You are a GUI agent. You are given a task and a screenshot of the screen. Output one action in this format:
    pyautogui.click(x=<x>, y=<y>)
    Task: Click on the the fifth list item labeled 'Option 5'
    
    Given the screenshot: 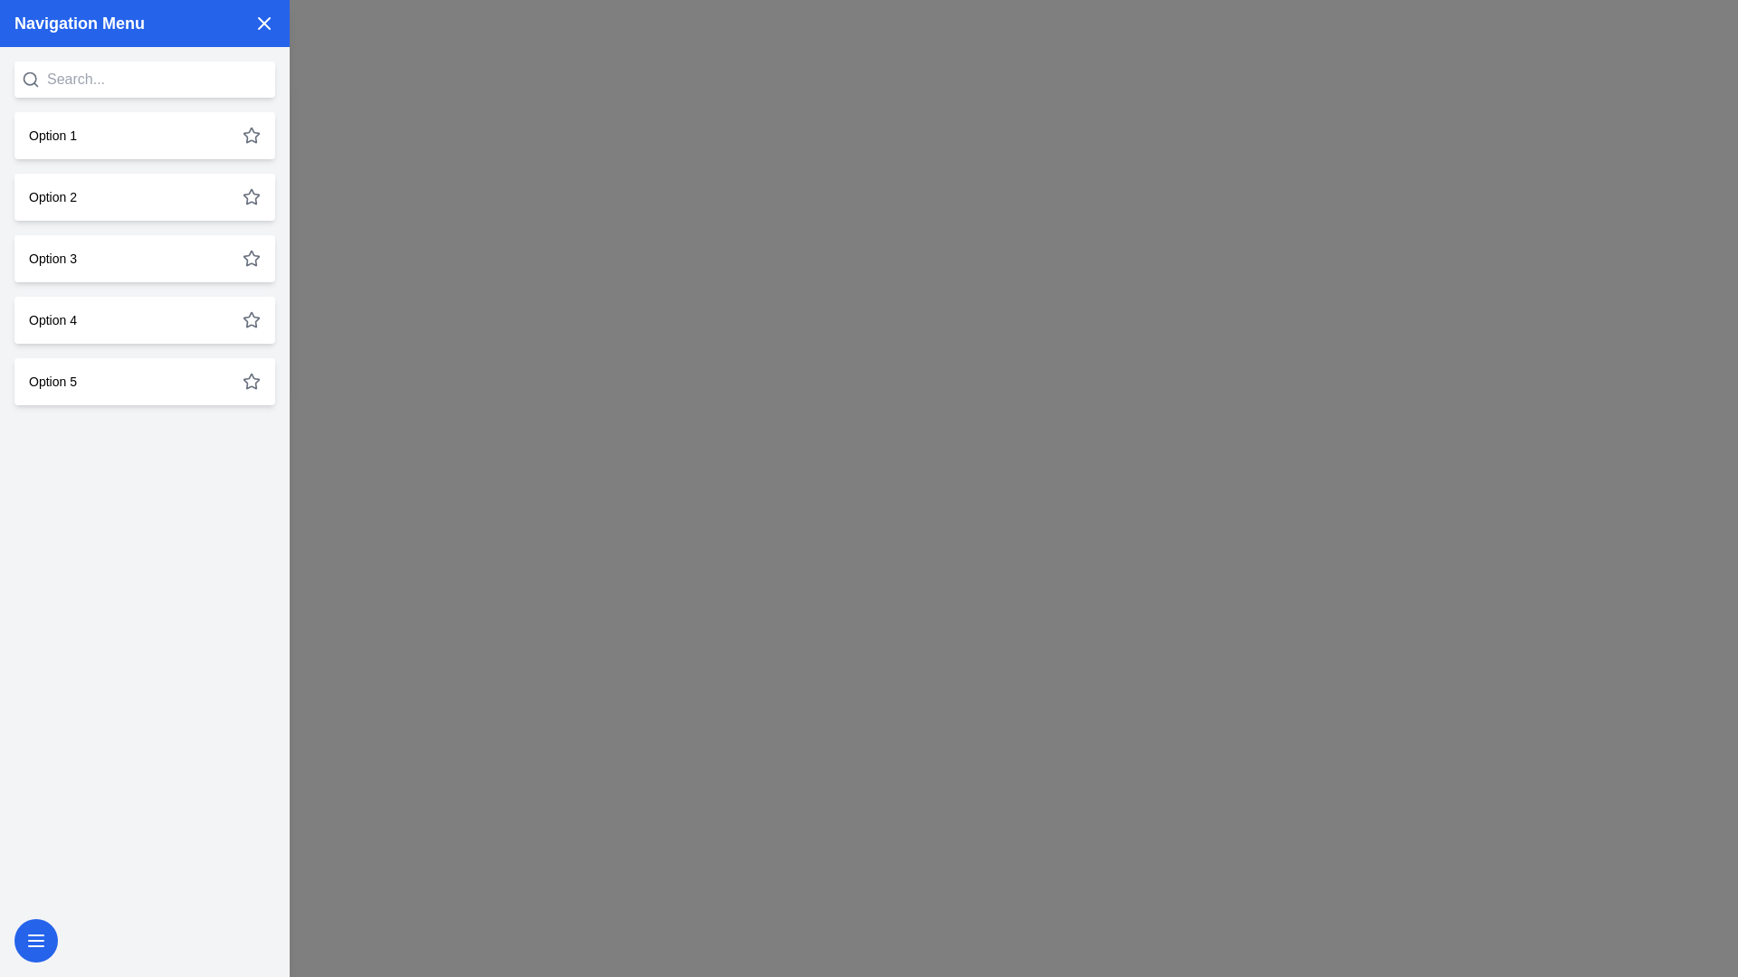 What is the action you would take?
    pyautogui.click(x=143, y=380)
    